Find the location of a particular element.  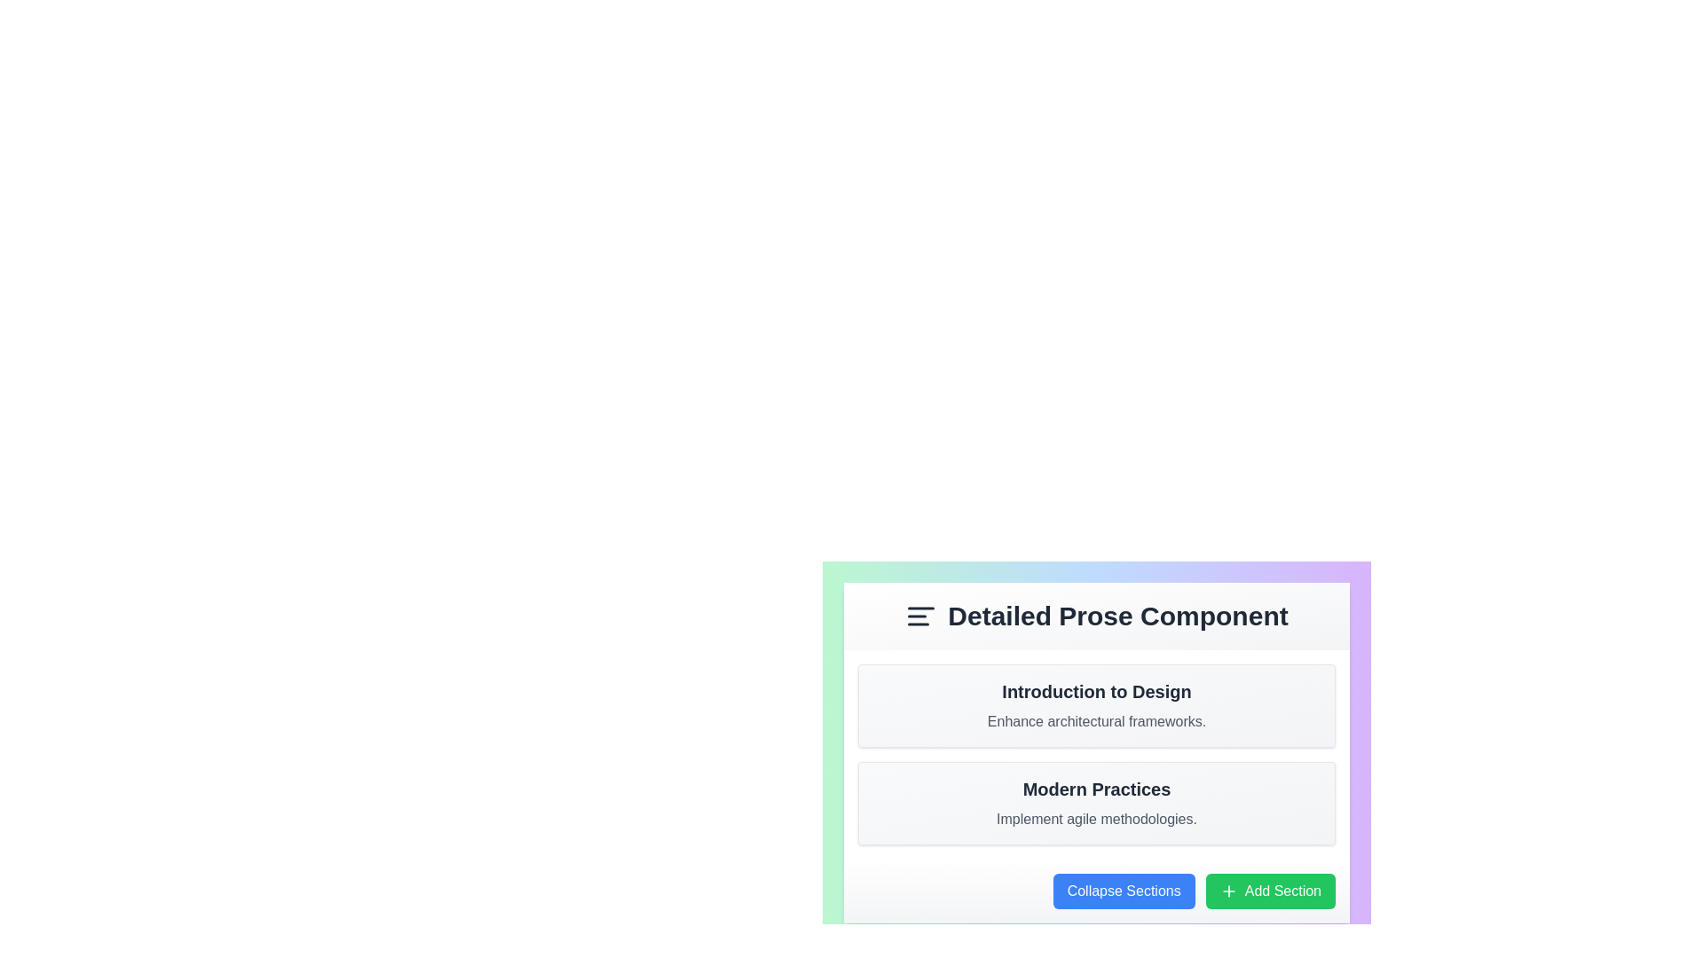

the Text block that displays a headline and brief description, located centrally above the 'Modern Practices' section and below the 'Detailed Prose Component' header is located at coordinates (1096, 732).